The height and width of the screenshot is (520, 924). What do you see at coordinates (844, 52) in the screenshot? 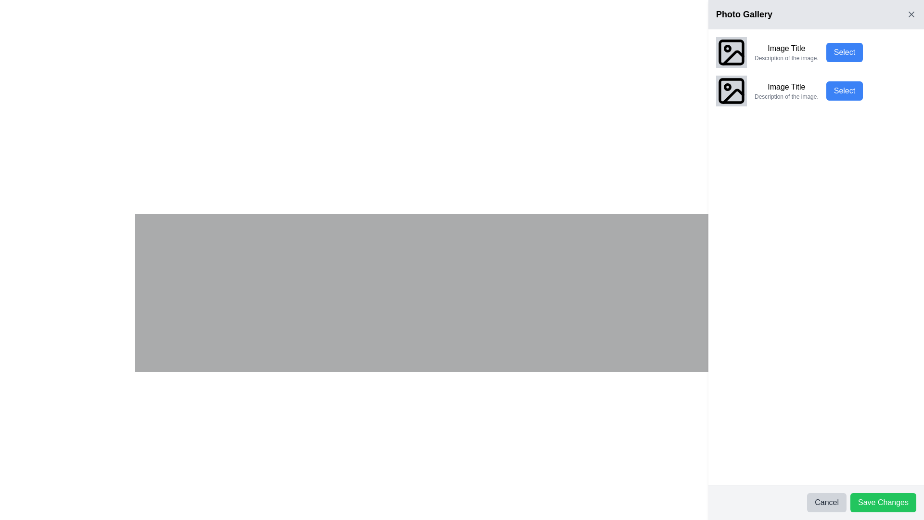
I see `the selector button located at the top-right corner of the list item` at bounding box center [844, 52].